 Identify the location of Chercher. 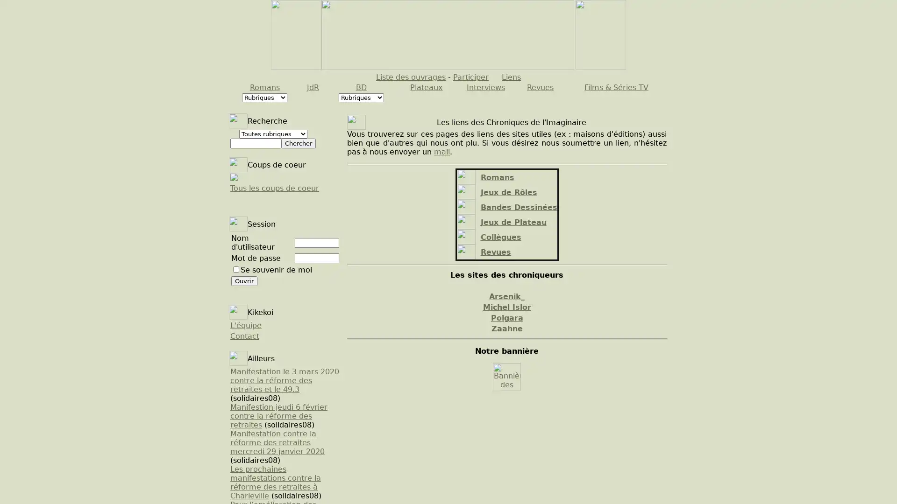
(298, 143).